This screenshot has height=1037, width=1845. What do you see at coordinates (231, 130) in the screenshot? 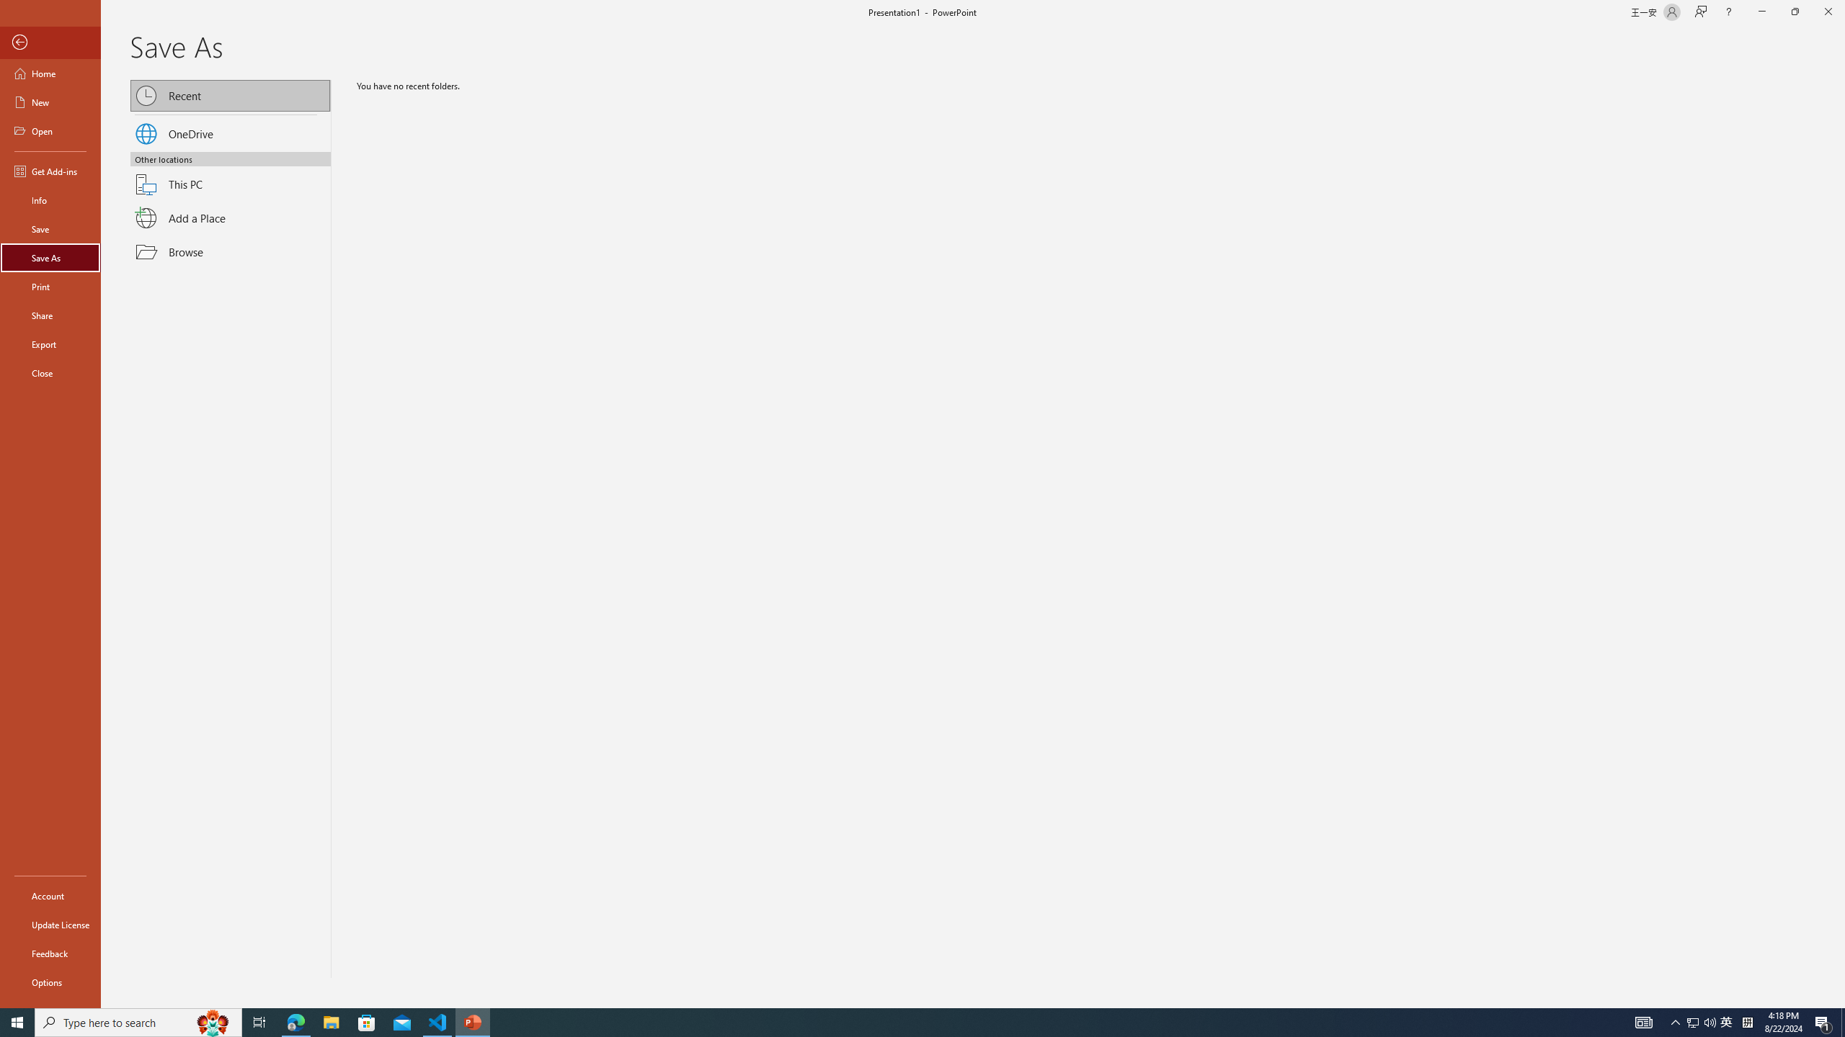
I see `'OneDrive'` at bounding box center [231, 130].